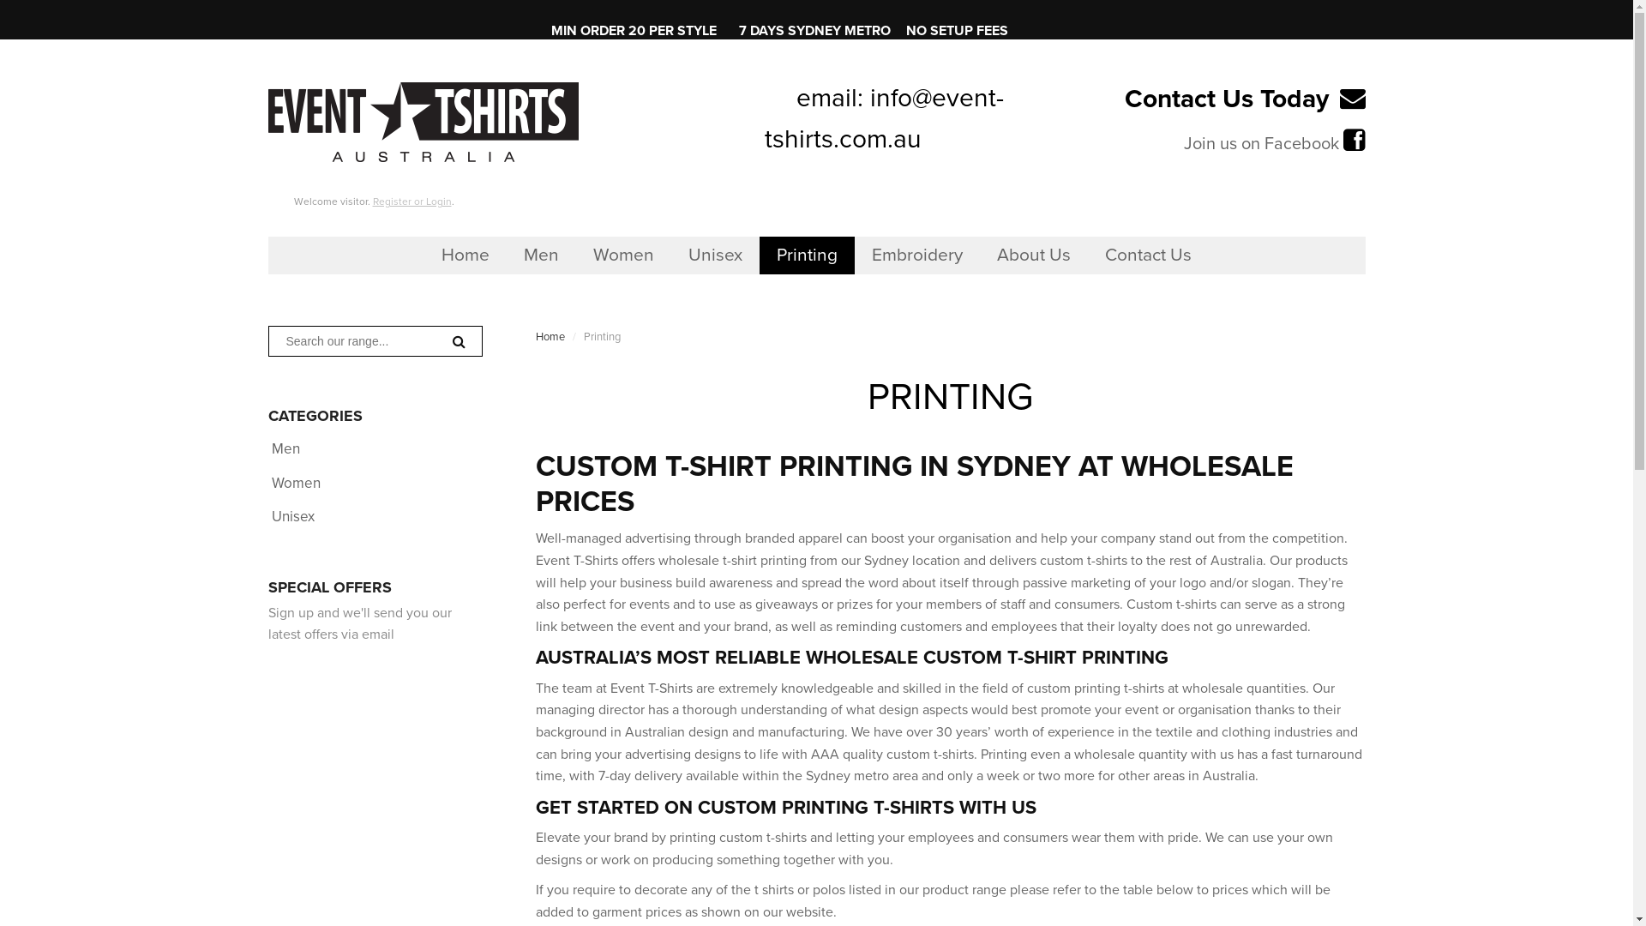 The height and width of the screenshot is (926, 1646). Describe the element at coordinates (550, 337) in the screenshot. I see `'Home'` at that location.